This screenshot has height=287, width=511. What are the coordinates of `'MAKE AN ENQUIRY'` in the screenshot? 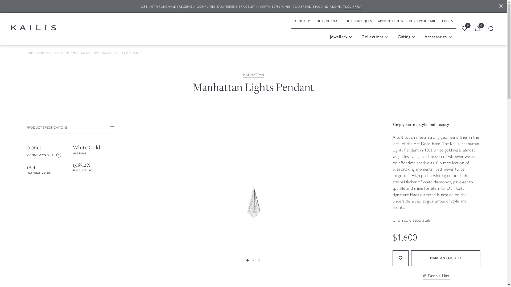 It's located at (446, 258).